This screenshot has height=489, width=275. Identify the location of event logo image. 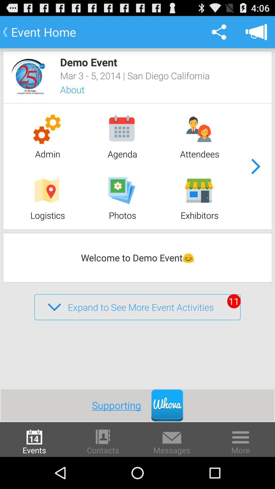
(28, 76).